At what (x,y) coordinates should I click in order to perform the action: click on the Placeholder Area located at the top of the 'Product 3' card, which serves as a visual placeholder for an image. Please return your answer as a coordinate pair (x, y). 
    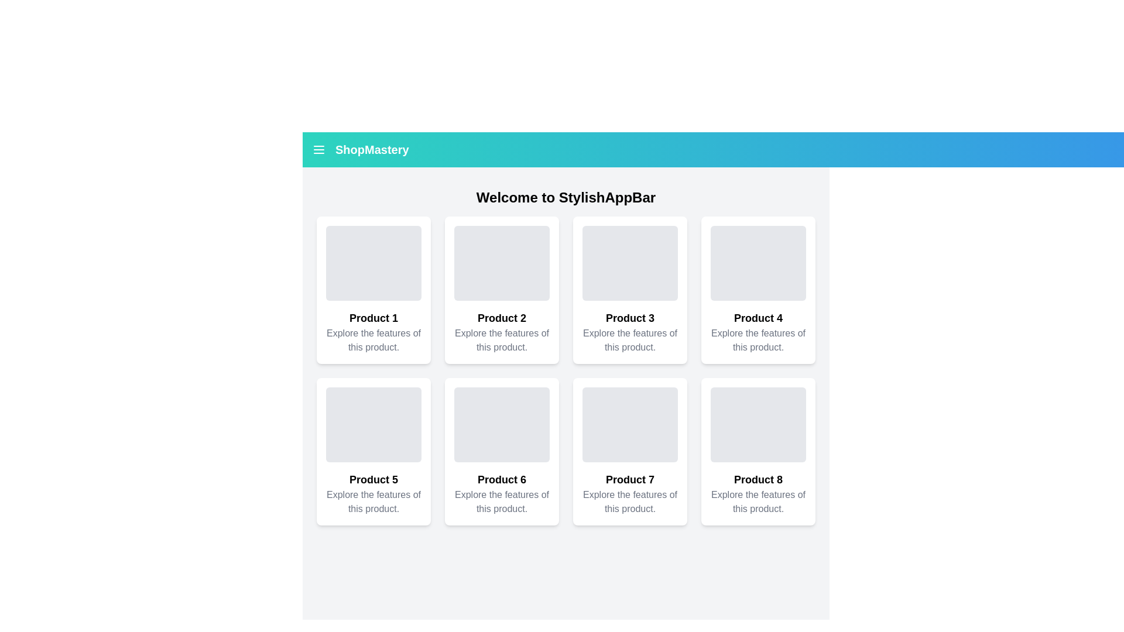
    Looking at the image, I should click on (629, 263).